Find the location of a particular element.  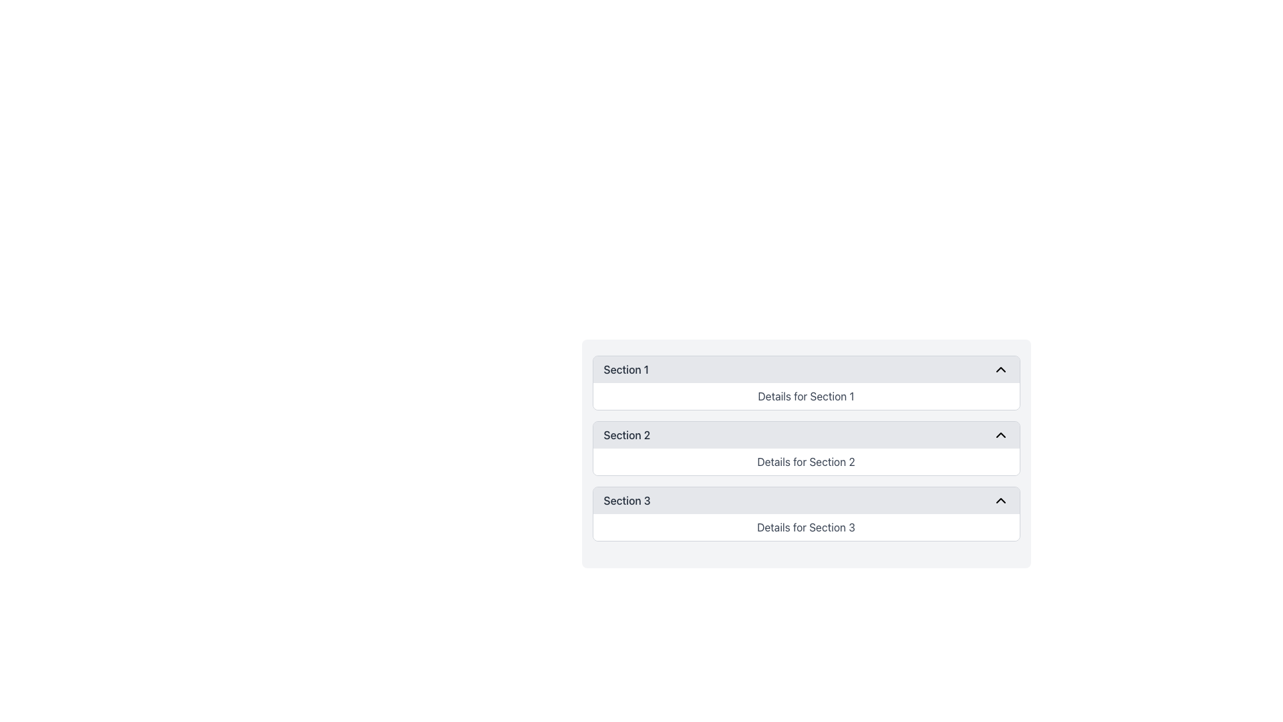

the upward-pointing chevron icon located on the right side of the 'Section 2' header to focus on it is located at coordinates (1000, 435).